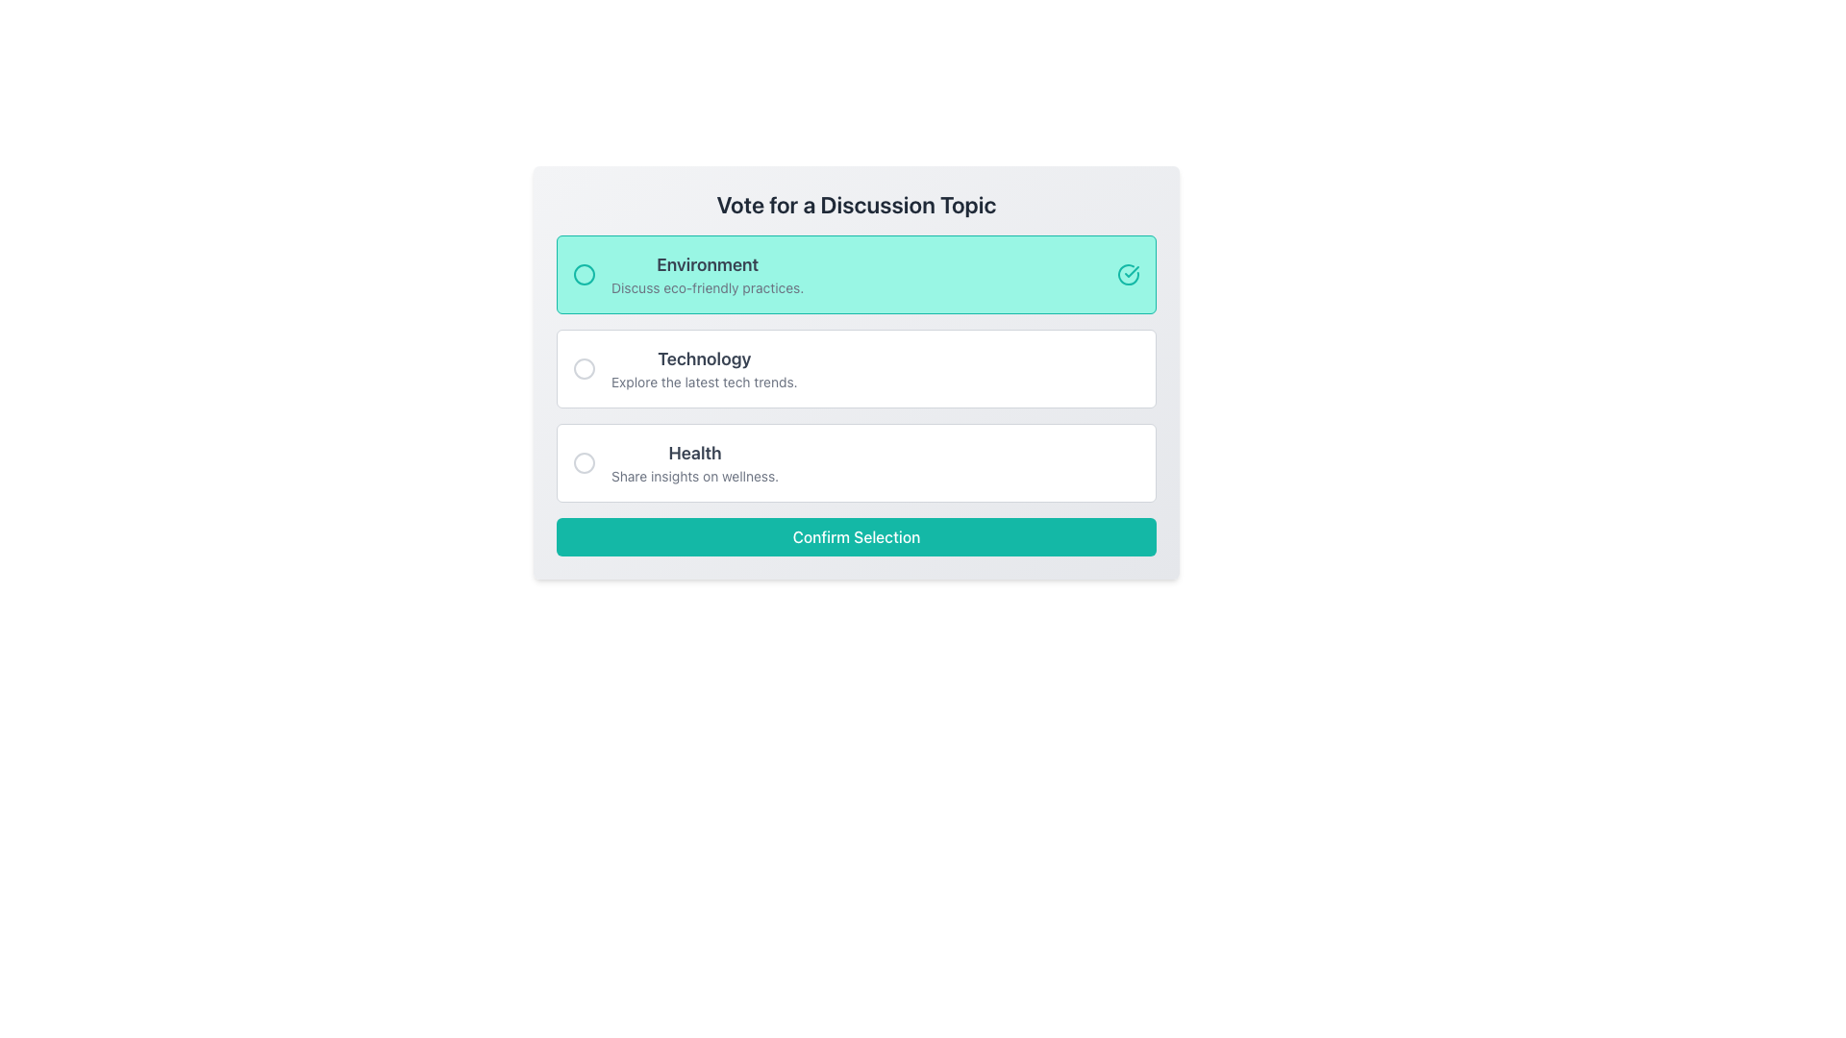 The width and height of the screenshot is (1846, 1038). What do you see at coordinates (1129, 274) in the screenshot?
I see `the circular teal checkmark icon associated with the 'Environment' option` at bounding box center [1129, 274].